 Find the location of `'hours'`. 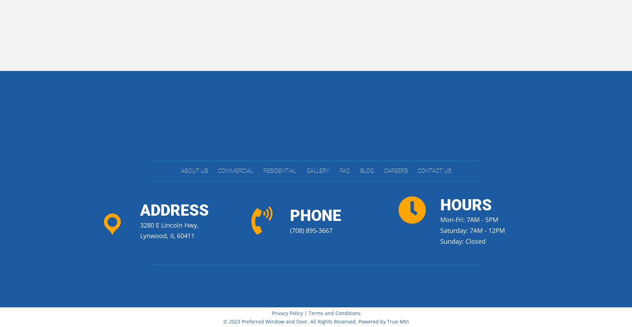

'hours' is located at coordinates (466, 204).